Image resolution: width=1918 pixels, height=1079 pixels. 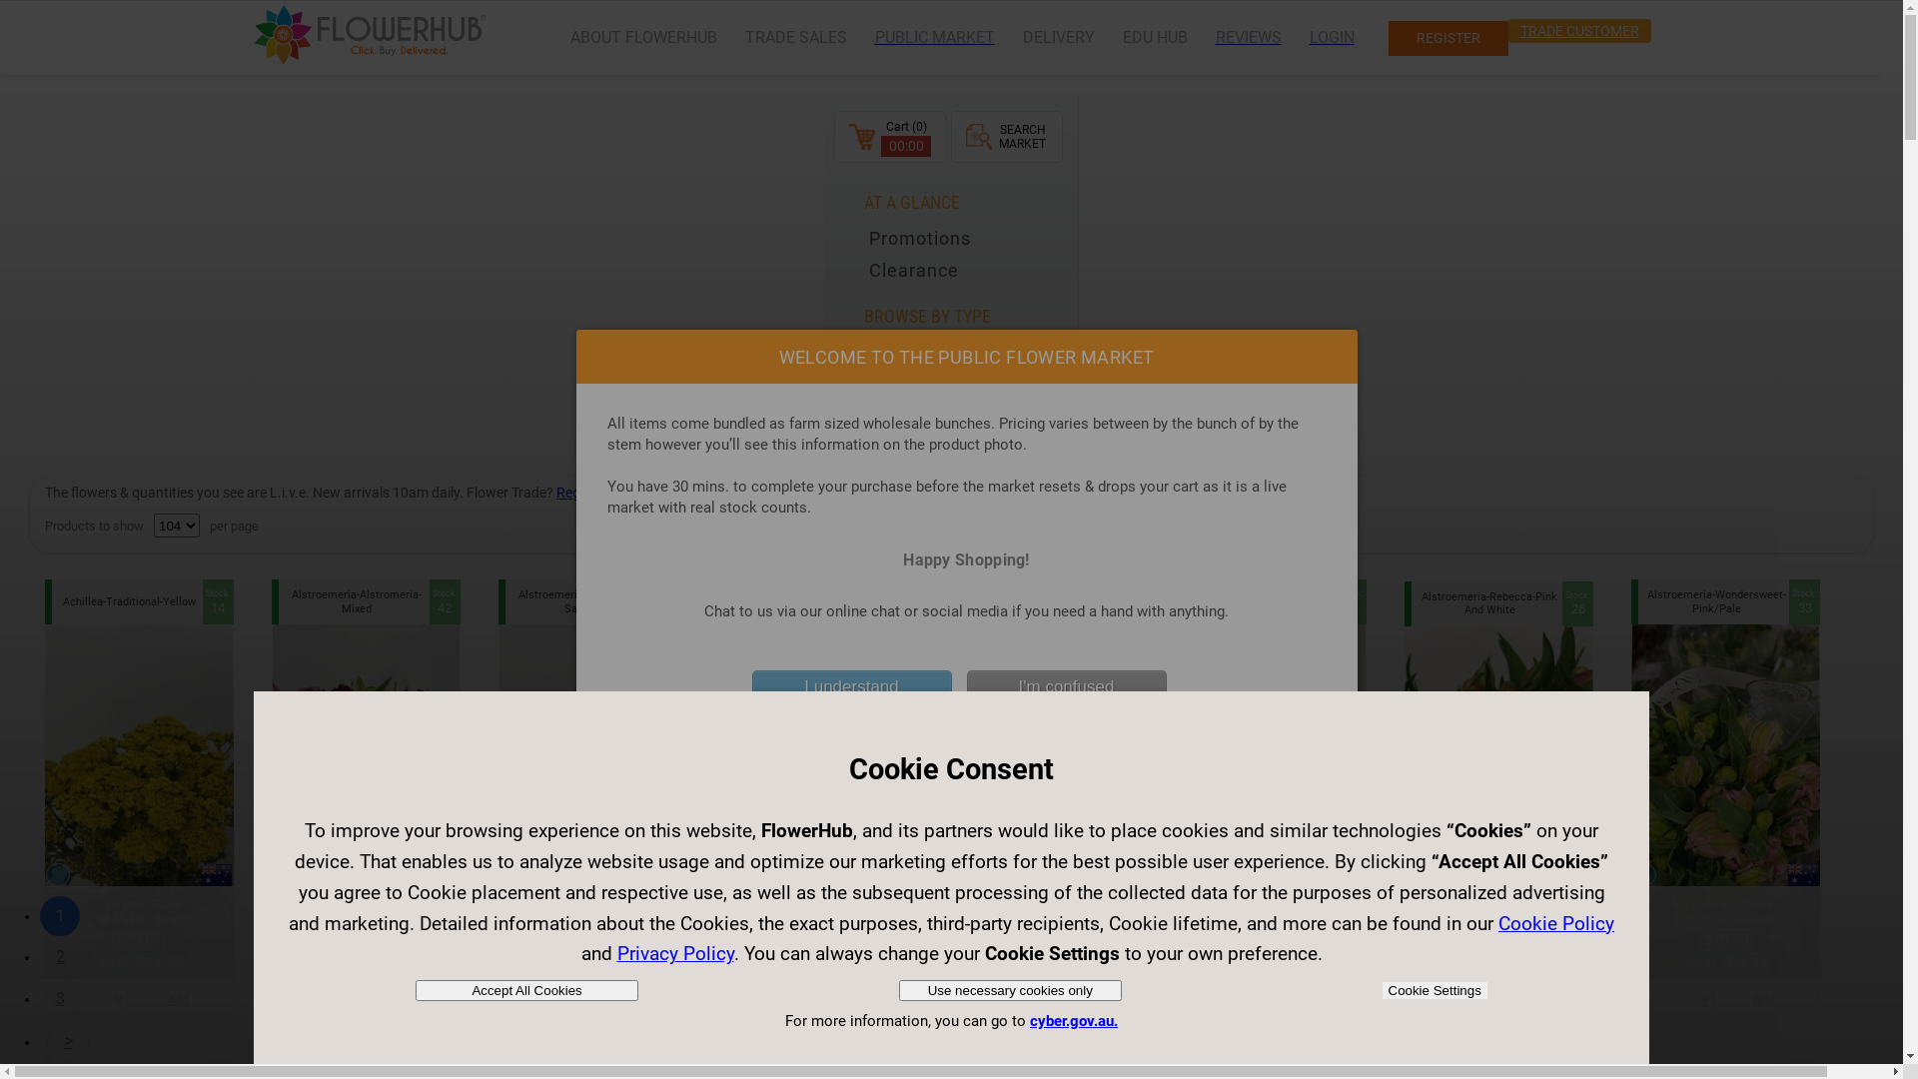 What do you see at coordinates (59, 955) in the screenshot?
I see `'2'` at bounding box center [59, 955].